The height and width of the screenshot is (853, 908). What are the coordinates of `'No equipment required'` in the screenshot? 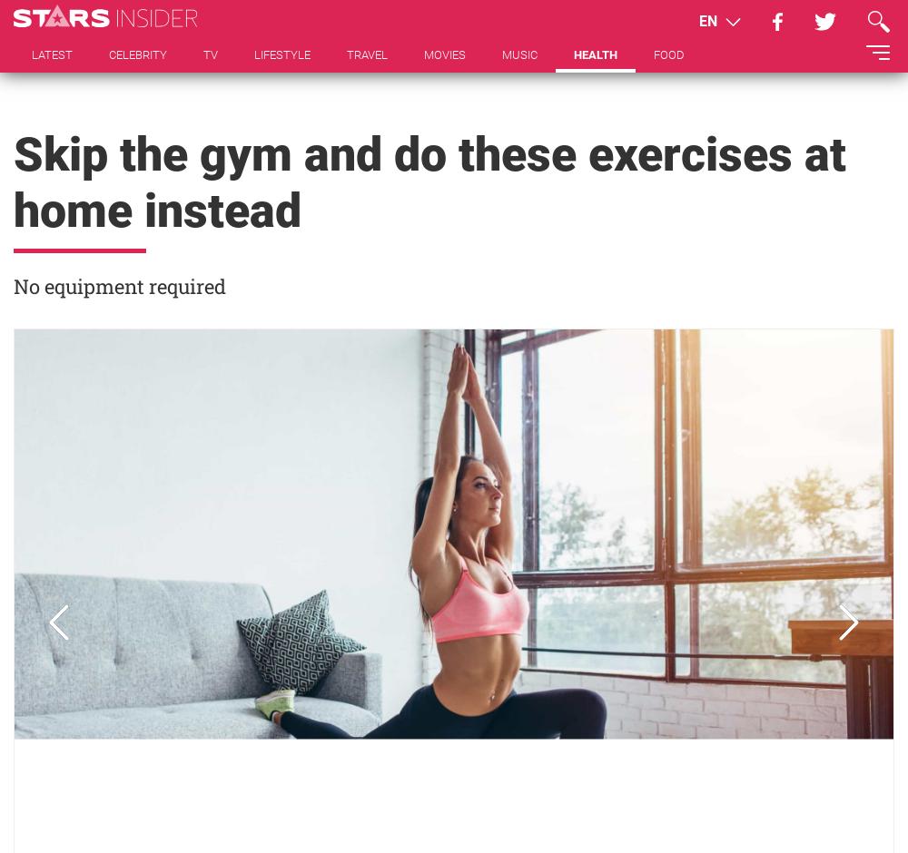 It's located at (120, 286).